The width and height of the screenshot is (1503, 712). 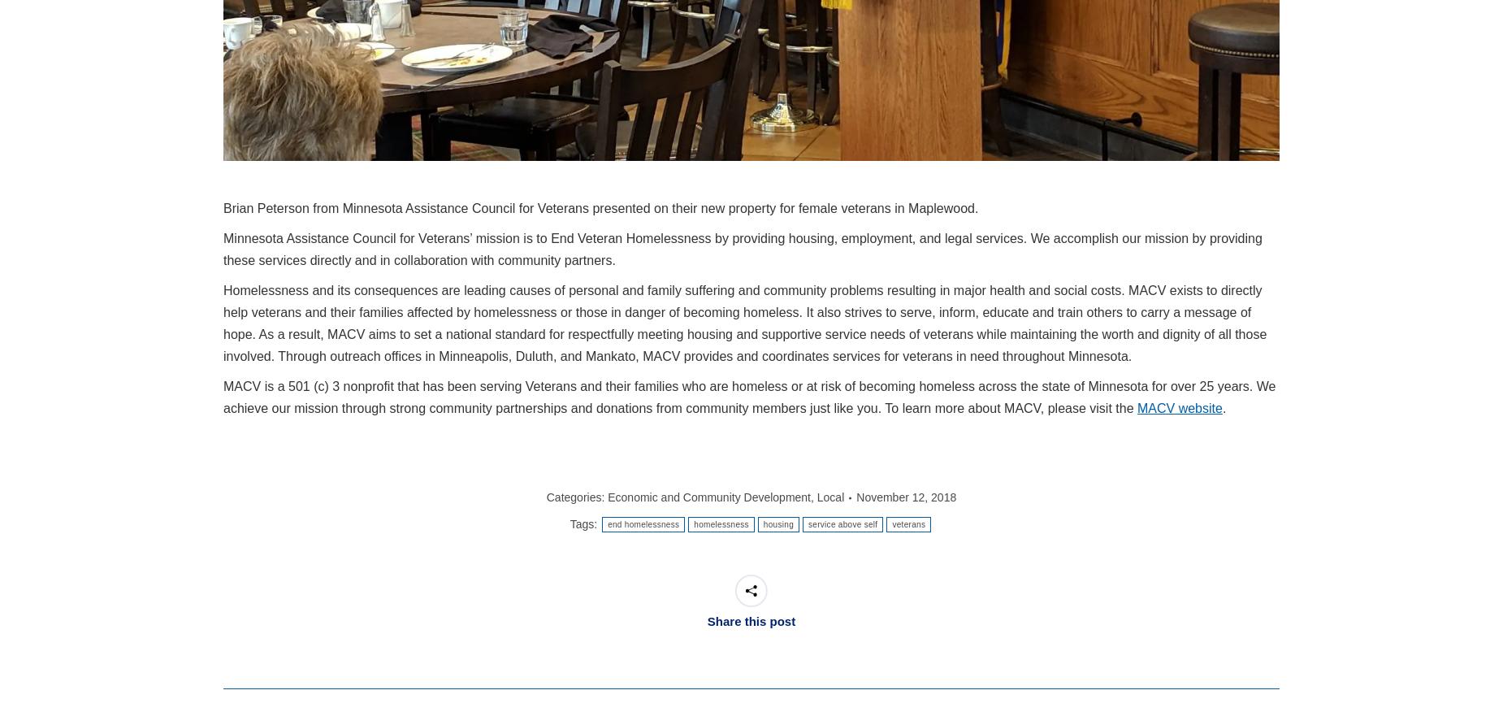 What do you see at coordinates (777, 524) in the screenshot?
I see `'housing'` at bounding box center [777, 524].